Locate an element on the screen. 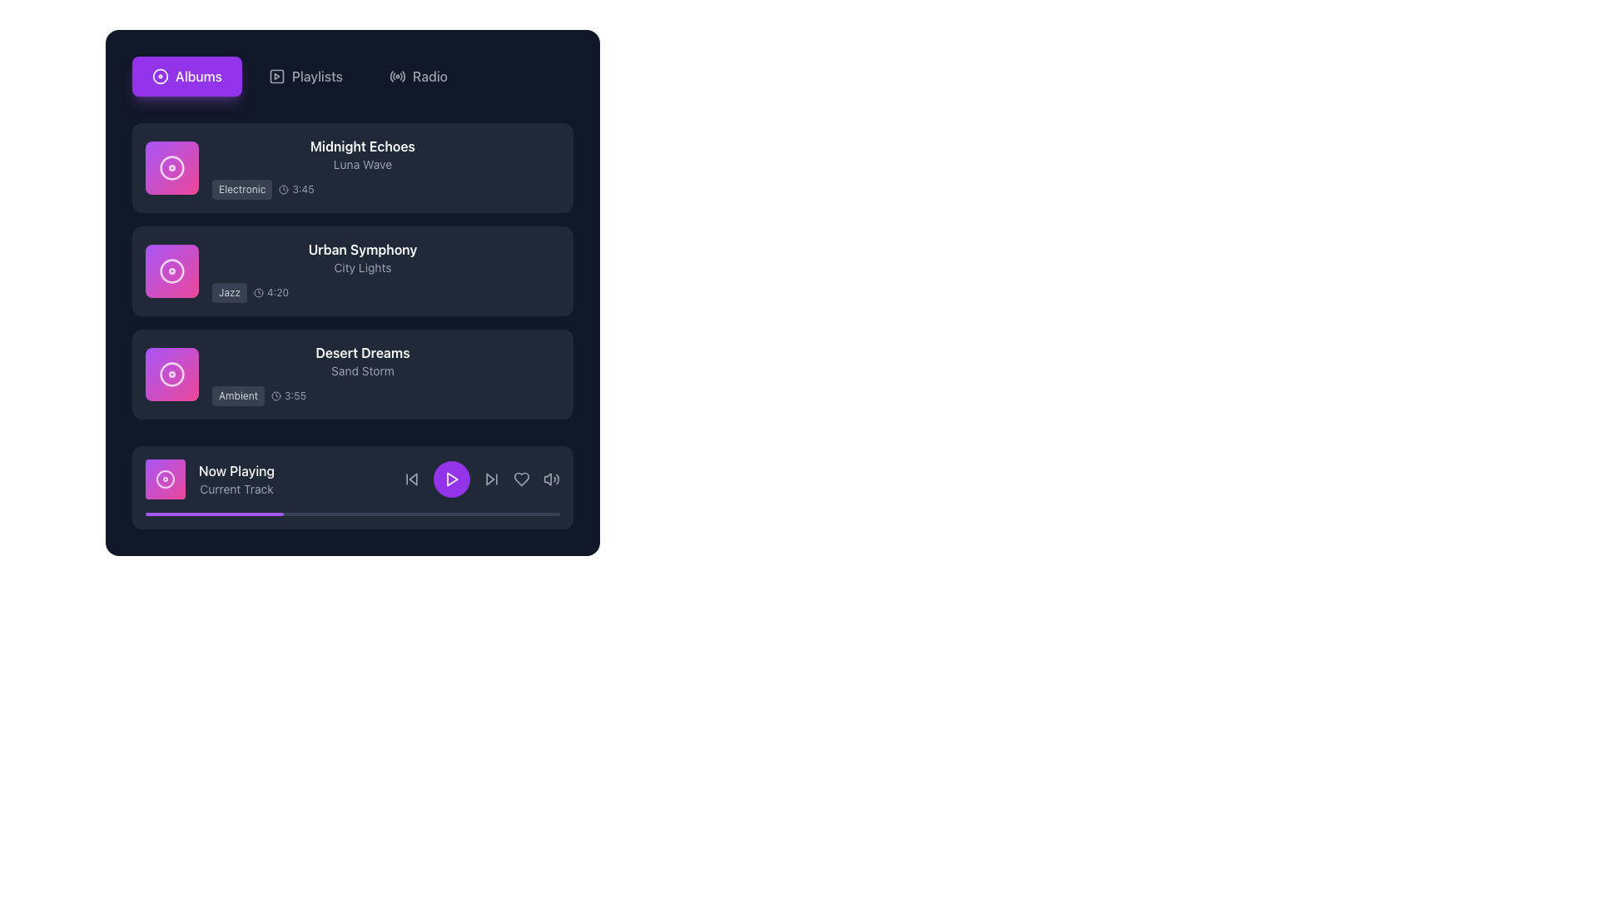 This screenshot has height=899, width=1598. the 'Now Playing' text label, which displays the current track information in a dark-themed interface, located at the bottom section adjacent to playback control buttons is located at coordinates (236, 479).